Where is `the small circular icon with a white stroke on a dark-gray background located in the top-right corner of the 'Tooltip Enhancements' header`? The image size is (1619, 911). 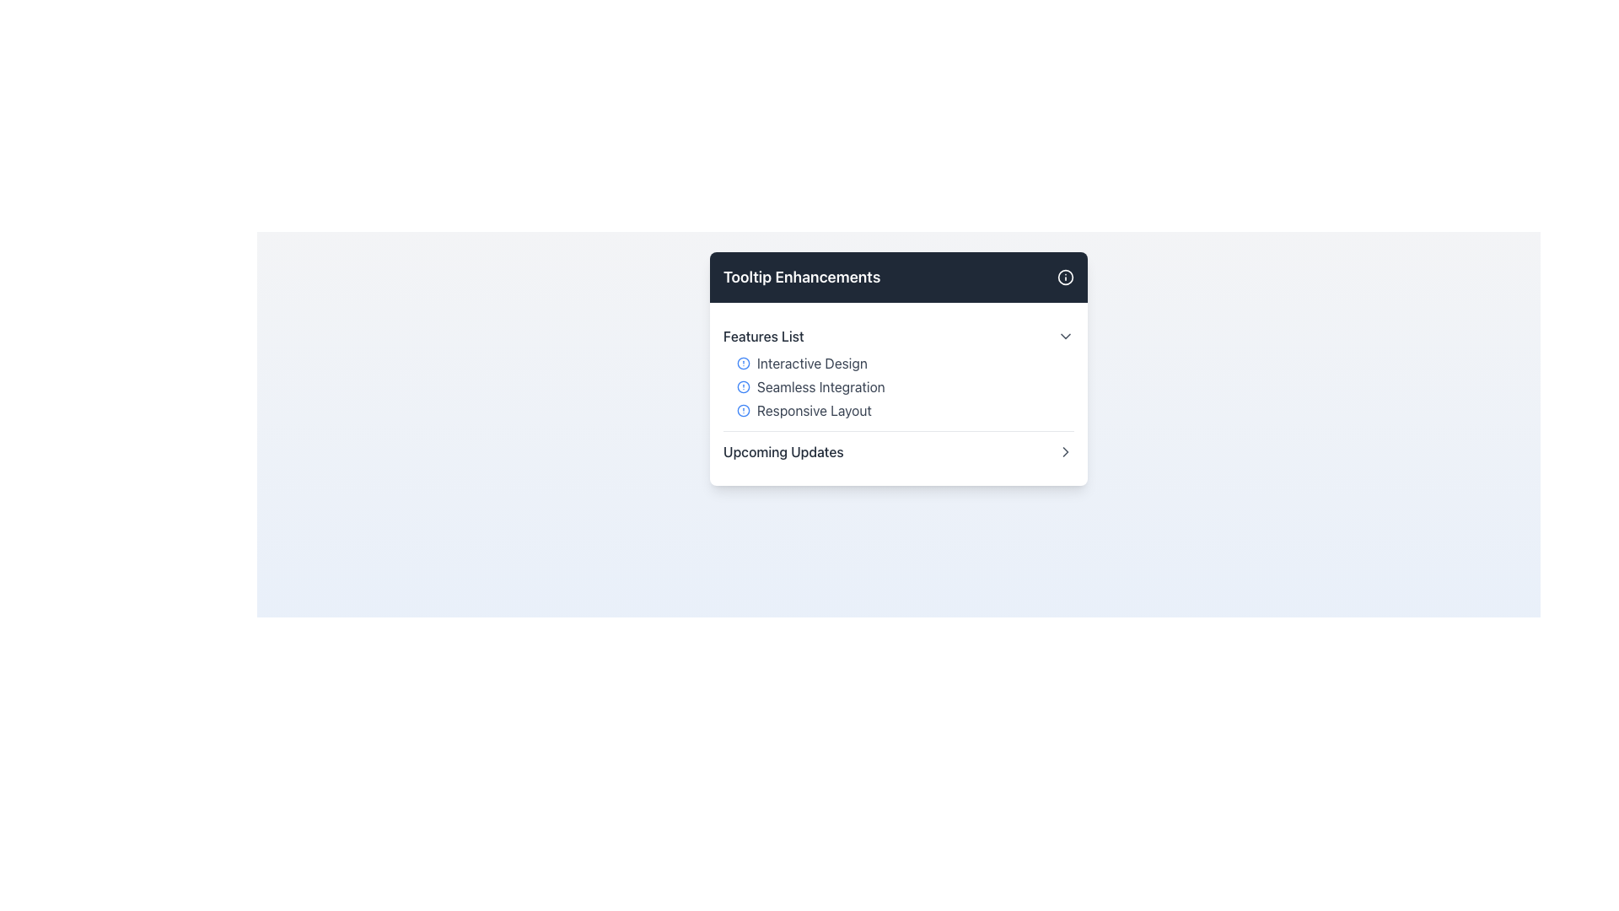 the small circular icon with a white stroke on a dark-gray background located in the top-right corner of the 'Tooltip Enhancements' header is located at coordinates (1064, 276).